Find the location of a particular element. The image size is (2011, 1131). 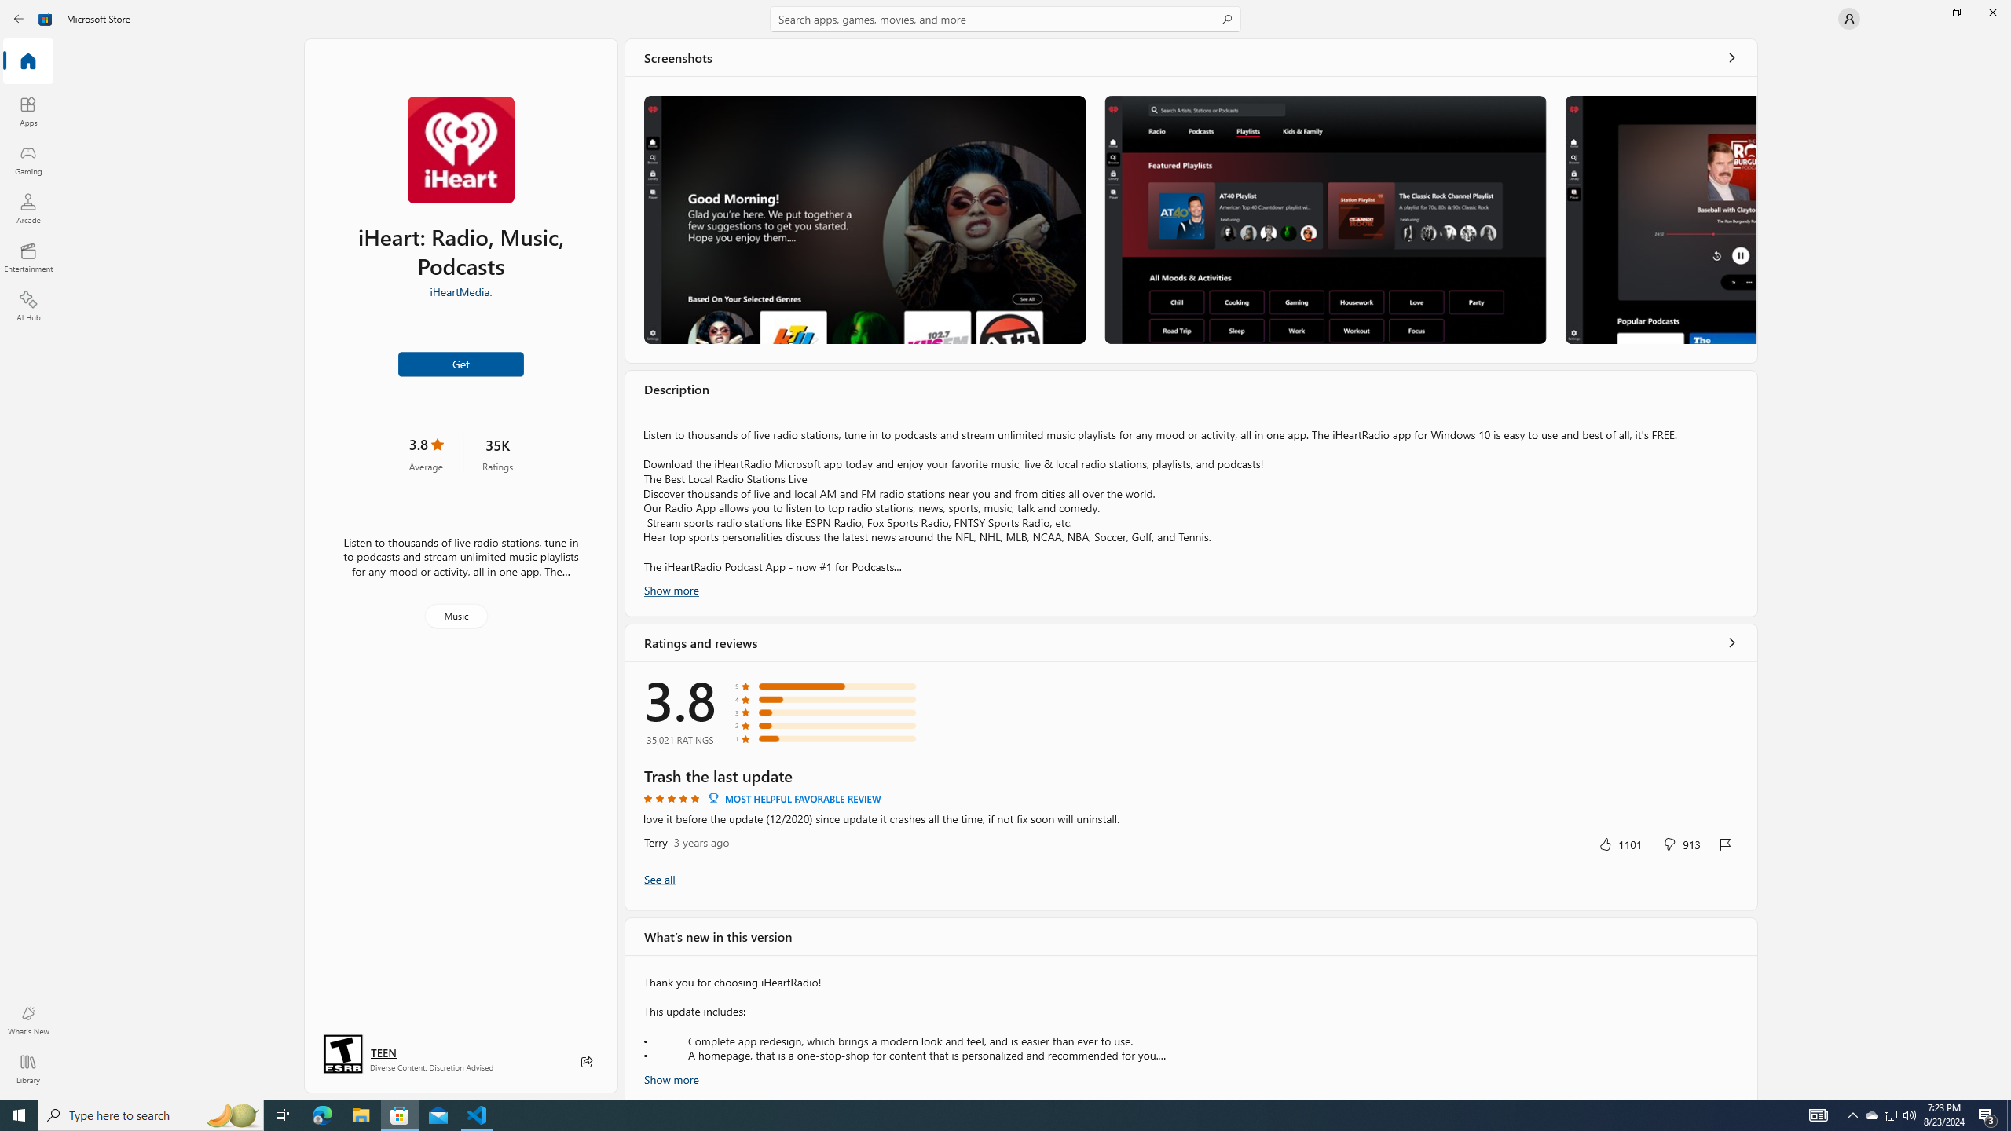

'Age rating: TEEN. Click for more information.' is located at coordinates (382, 1052).